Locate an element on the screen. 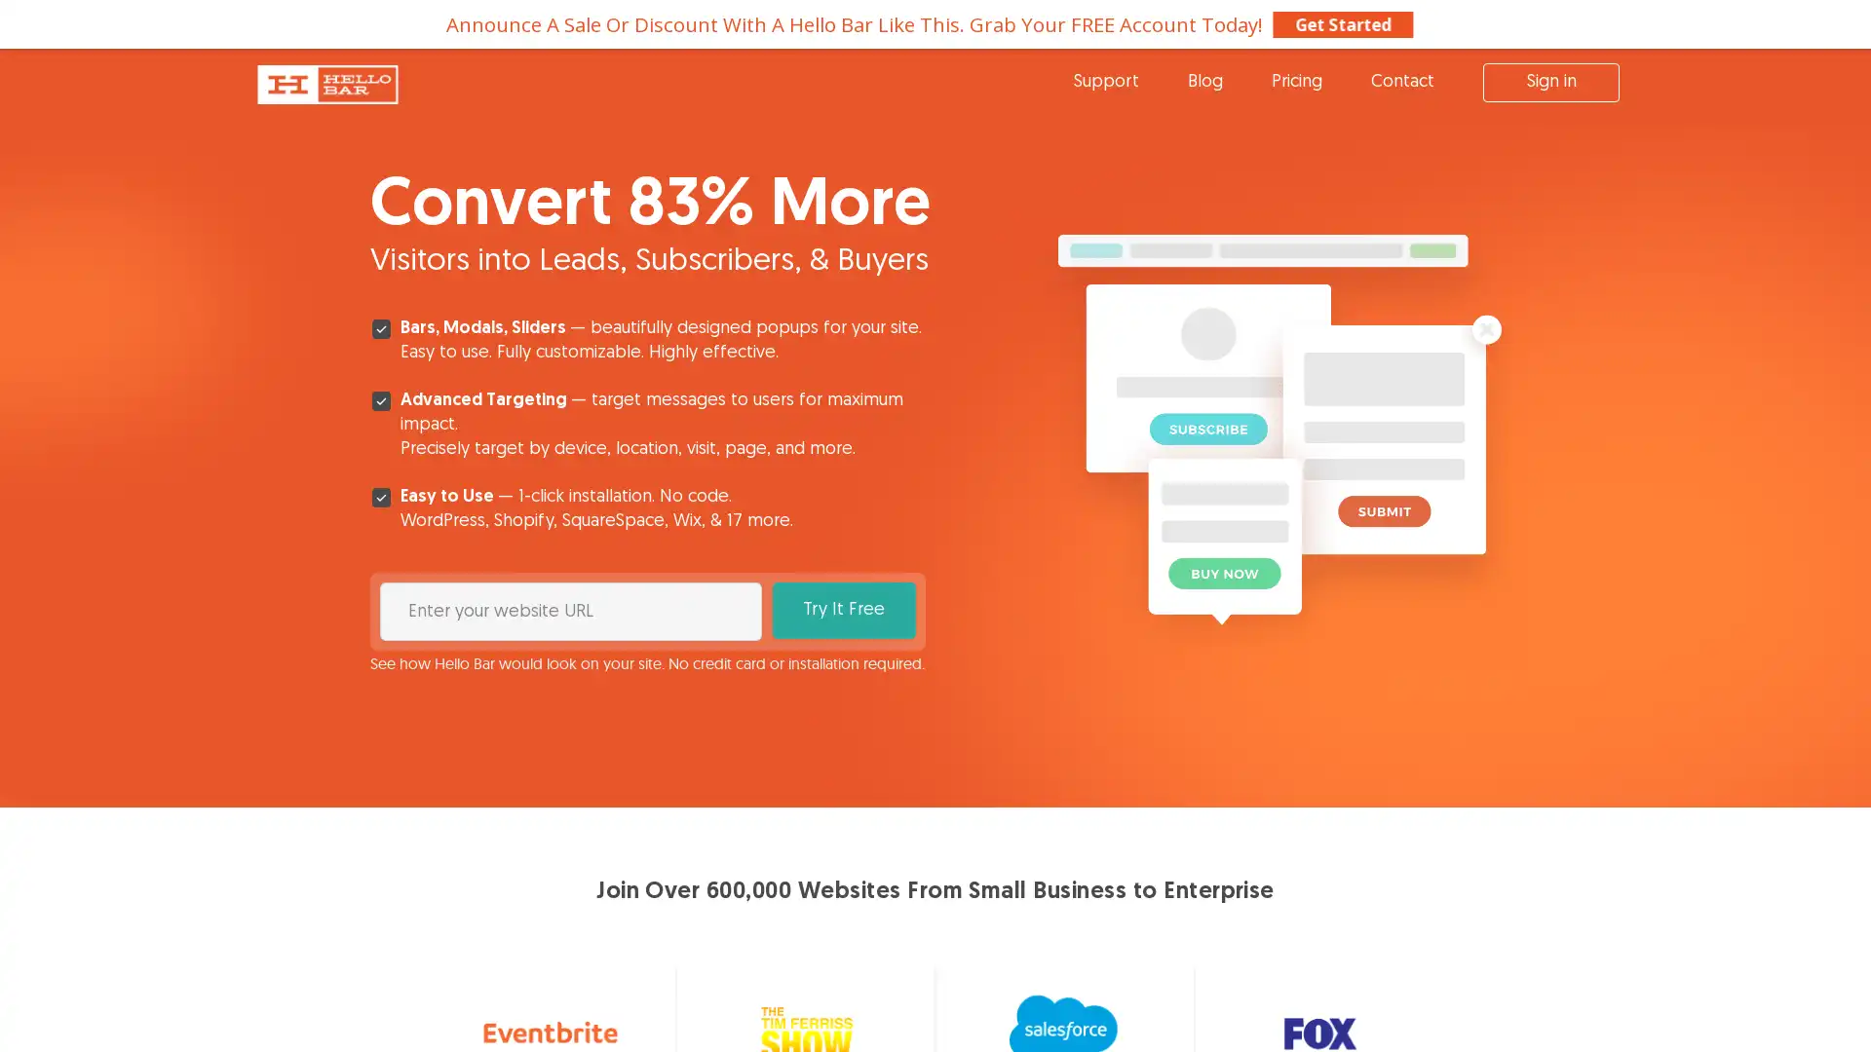  Try It Free is located at coordinates (843, 610).